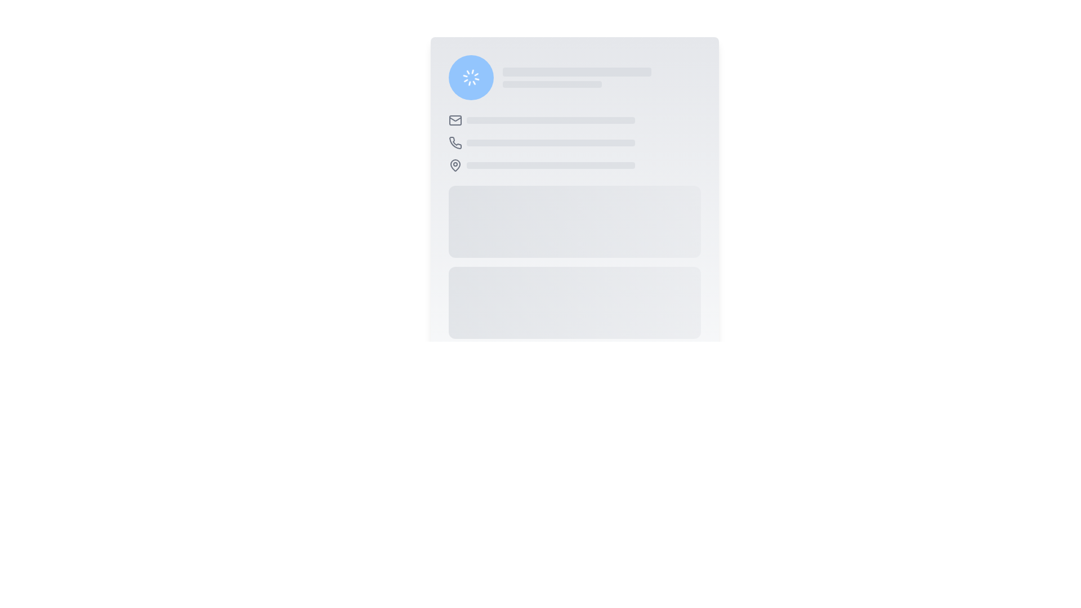 This screenshot has width=1081, height=608. Describe the element at coordinates (471, 77) in the screenshot. I see `the animated loading indicator, which is a spinner icon located at the center of a circular light blue background in the top-left section of the information card` at that location.